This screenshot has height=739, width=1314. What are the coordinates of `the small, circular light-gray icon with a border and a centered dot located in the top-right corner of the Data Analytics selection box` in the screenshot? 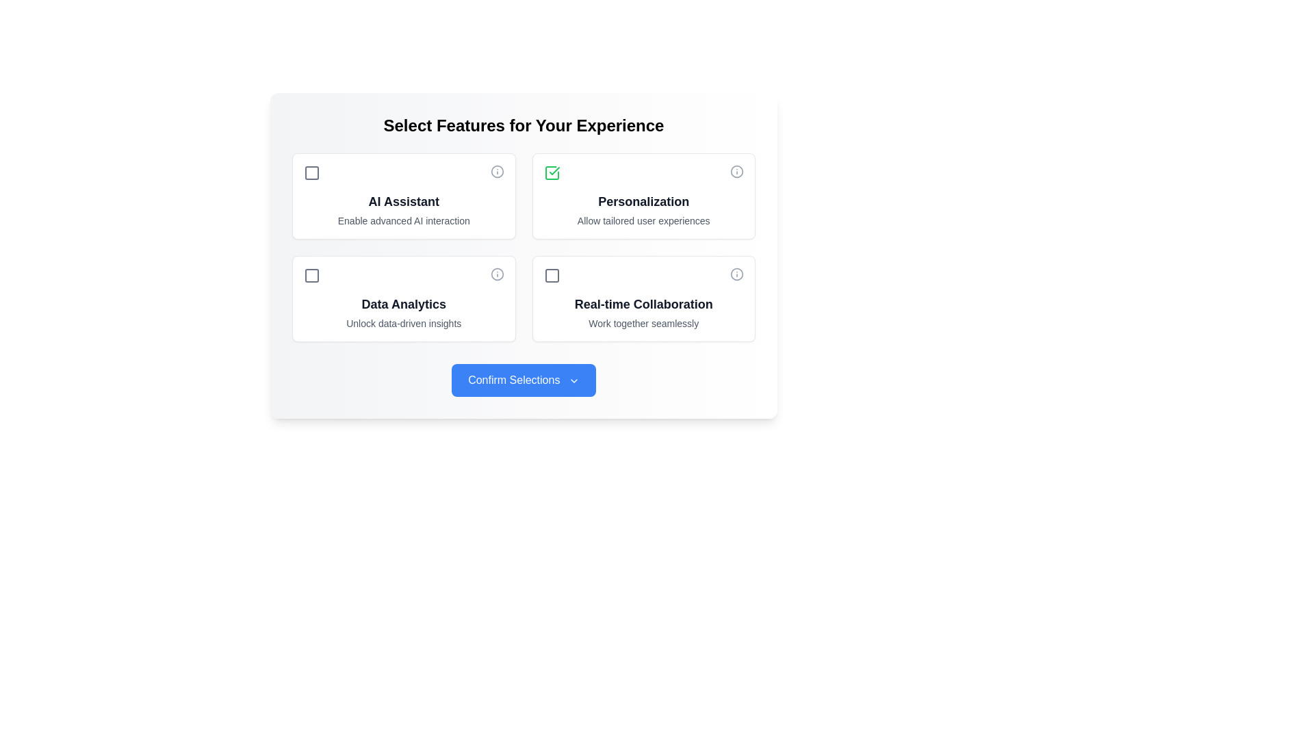 It's located at (496, 274).